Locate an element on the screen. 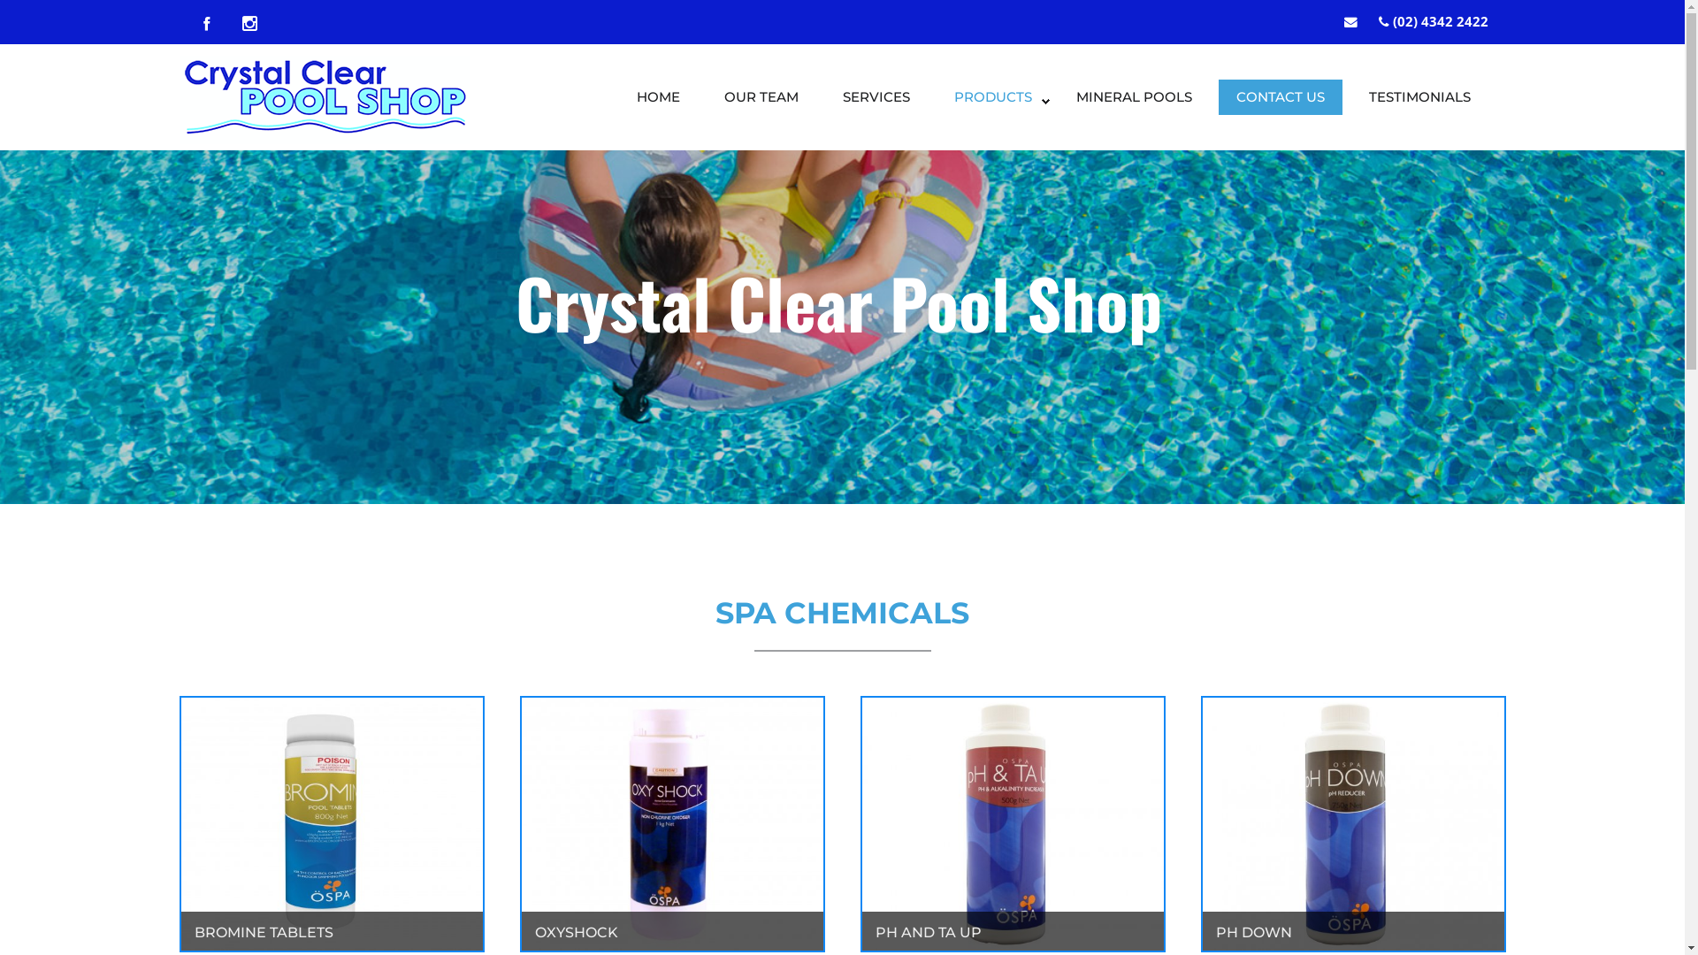 The image size is (1698, 955). 'CONTACT US' is located at coordinates (1281, 97).